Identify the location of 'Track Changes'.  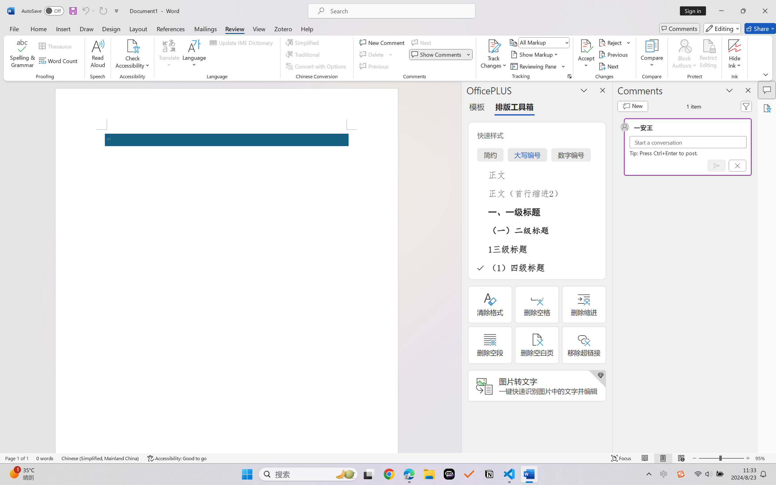
(493, 46).